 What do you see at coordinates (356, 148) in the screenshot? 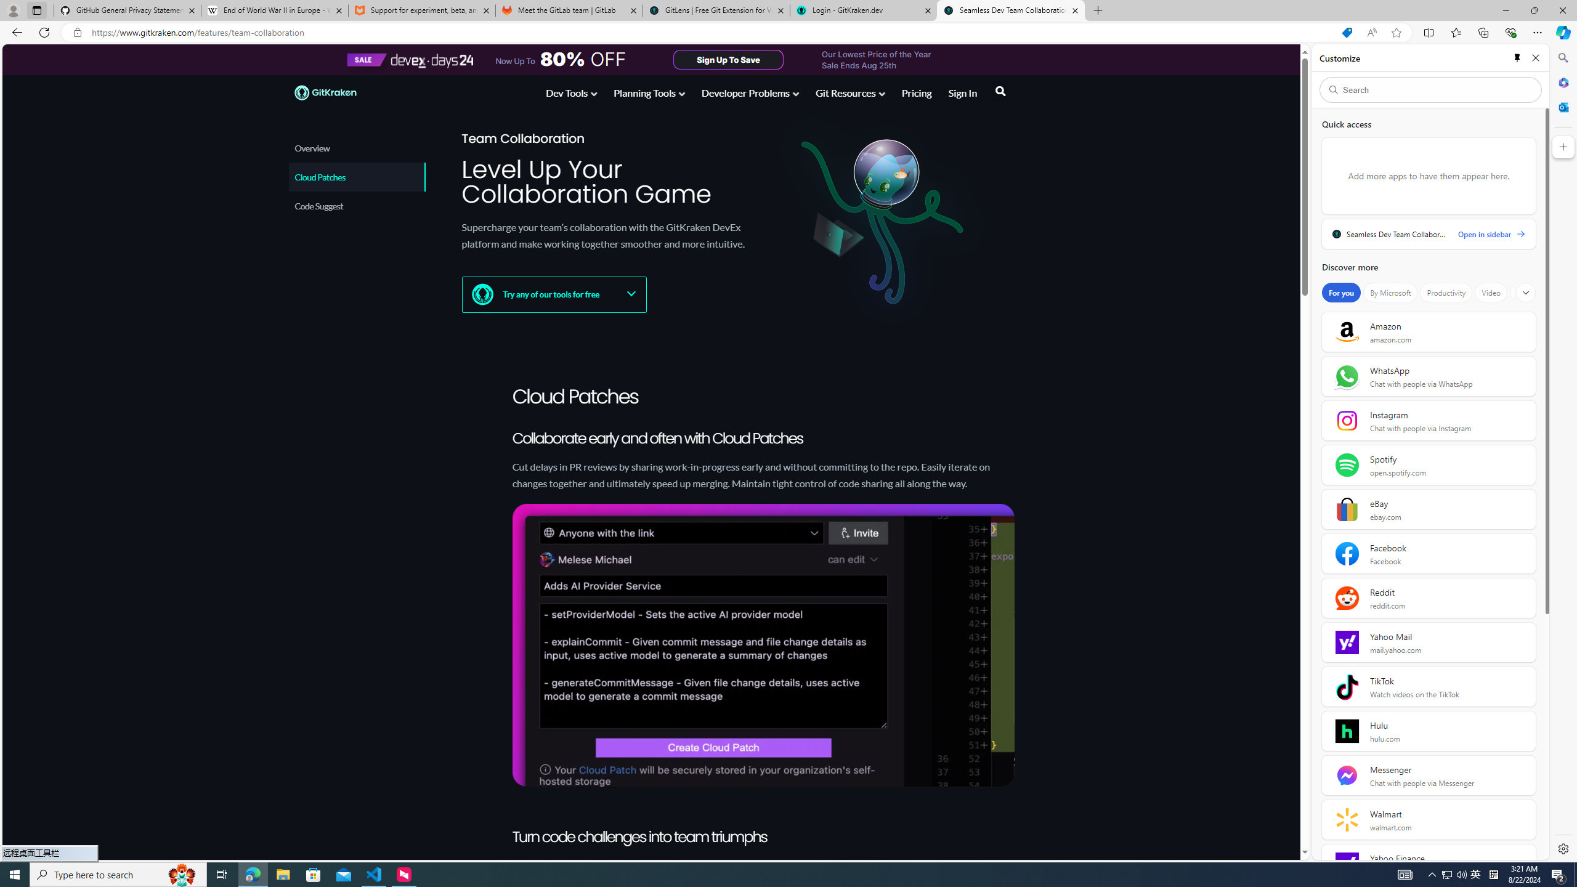
I see `'Overview'` at bounding box center [356, 148].